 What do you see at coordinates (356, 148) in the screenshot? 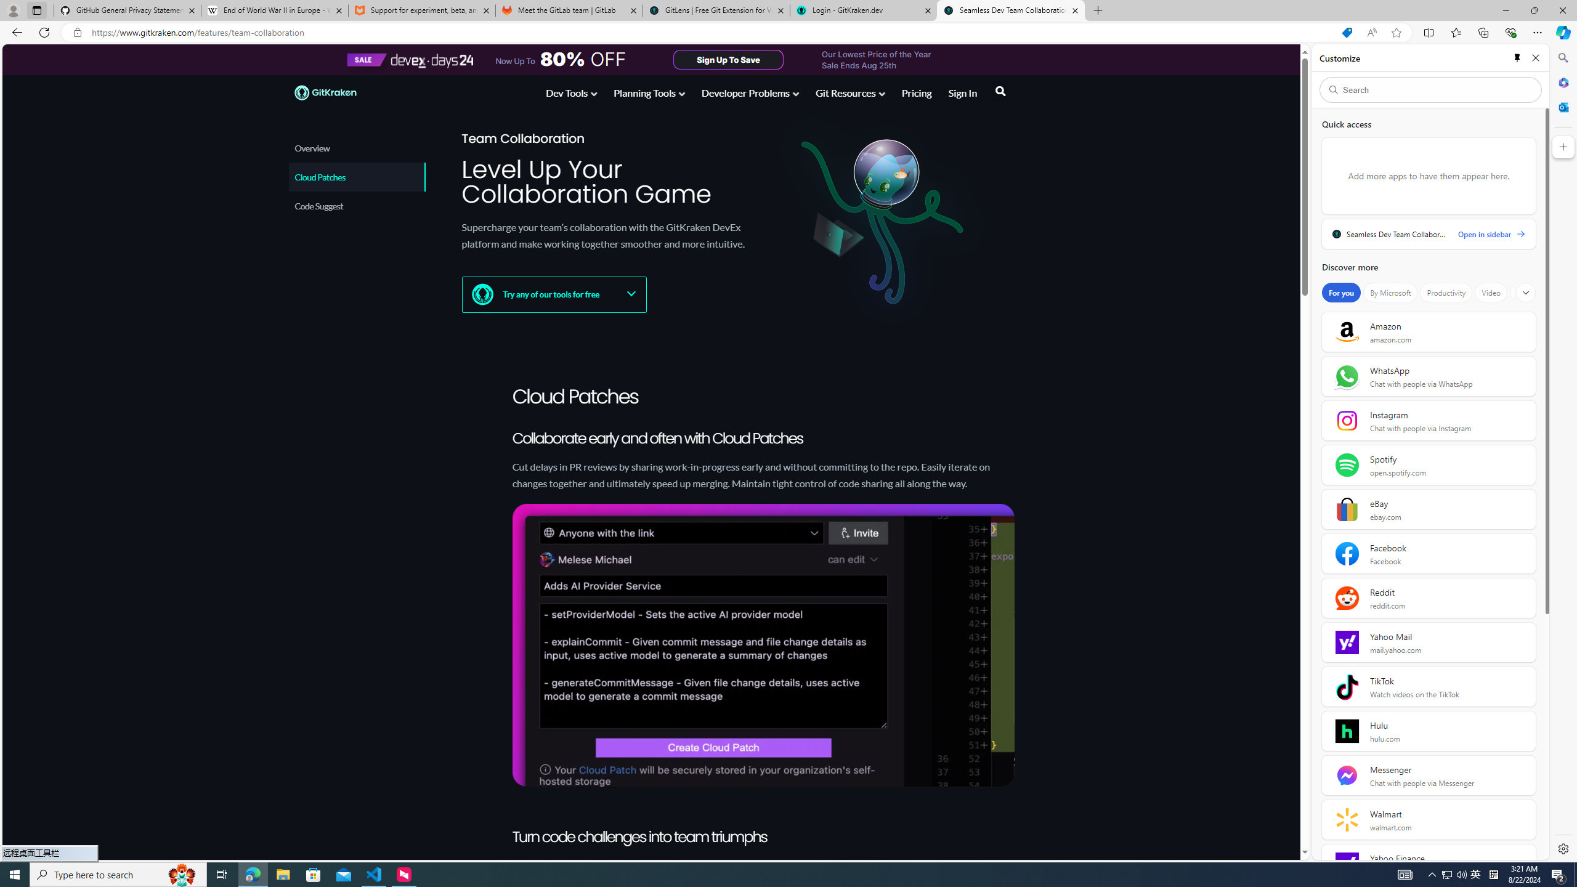
I see `'Overview'` at bounding box center [356, 148].